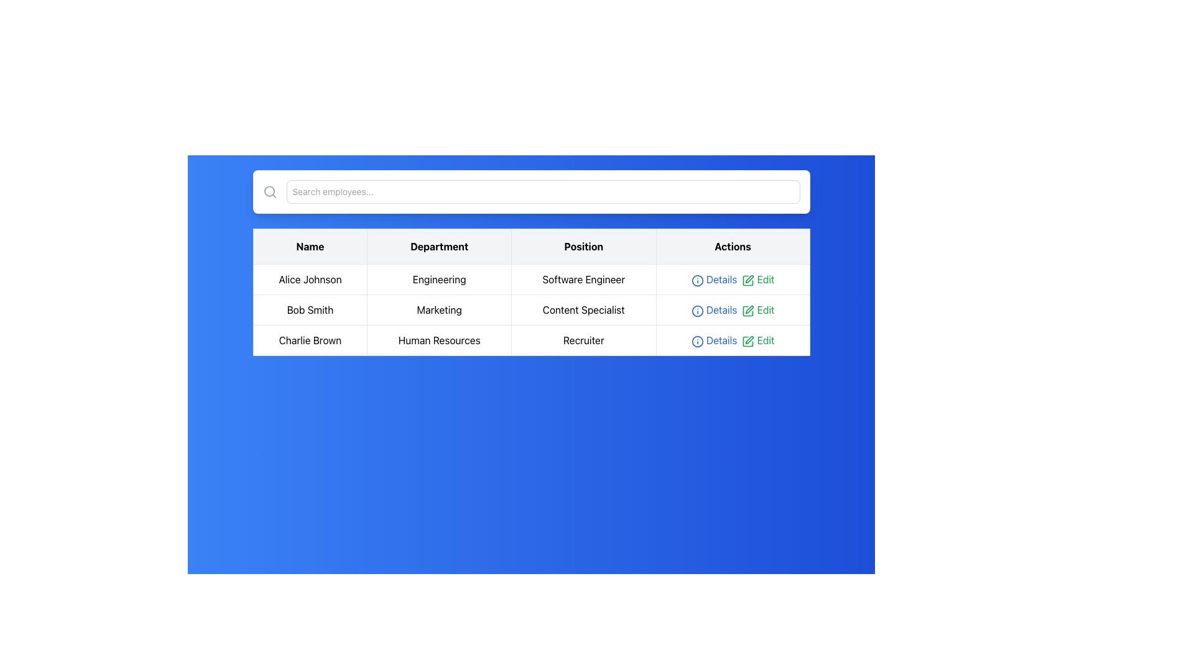 The height and width of the screenshot is (671, 1194). Describe the element at coordinates (697, 310) in the screenshot. I see `the information icon represented by the SVG graphical component (circle) located in the second row of the 'Actions' column for 'Bob Smith' in the details section` at that location.